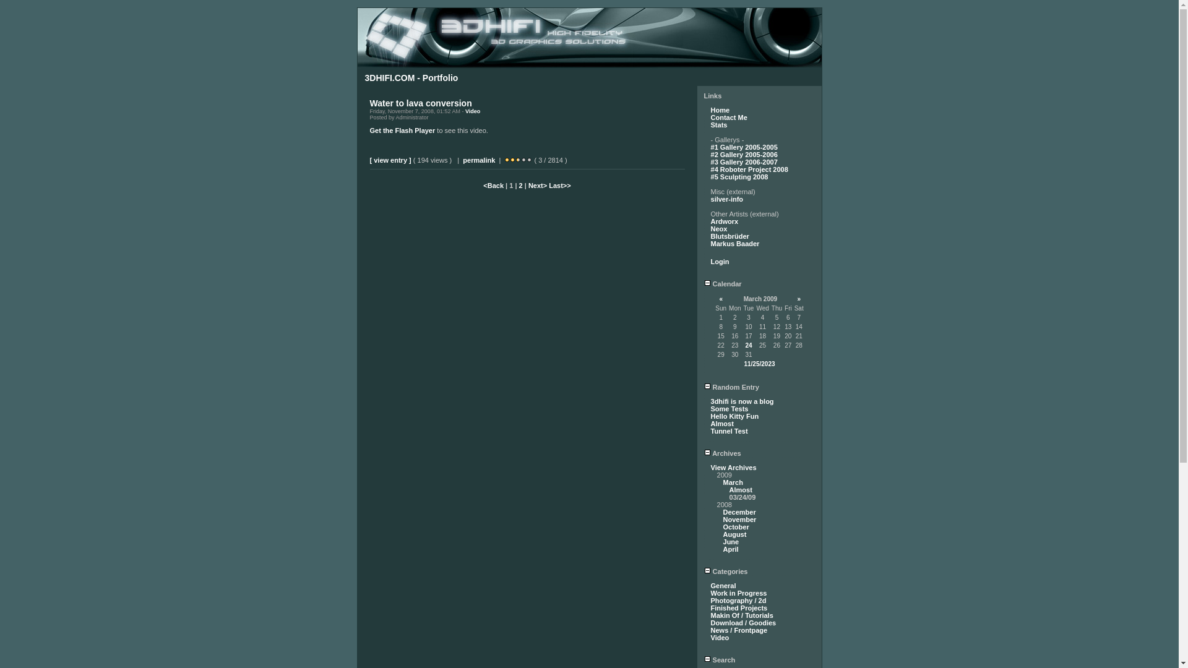  Describe the element at coordinates (710, 423) in the screenshot. I see `'Almost'` at that location.